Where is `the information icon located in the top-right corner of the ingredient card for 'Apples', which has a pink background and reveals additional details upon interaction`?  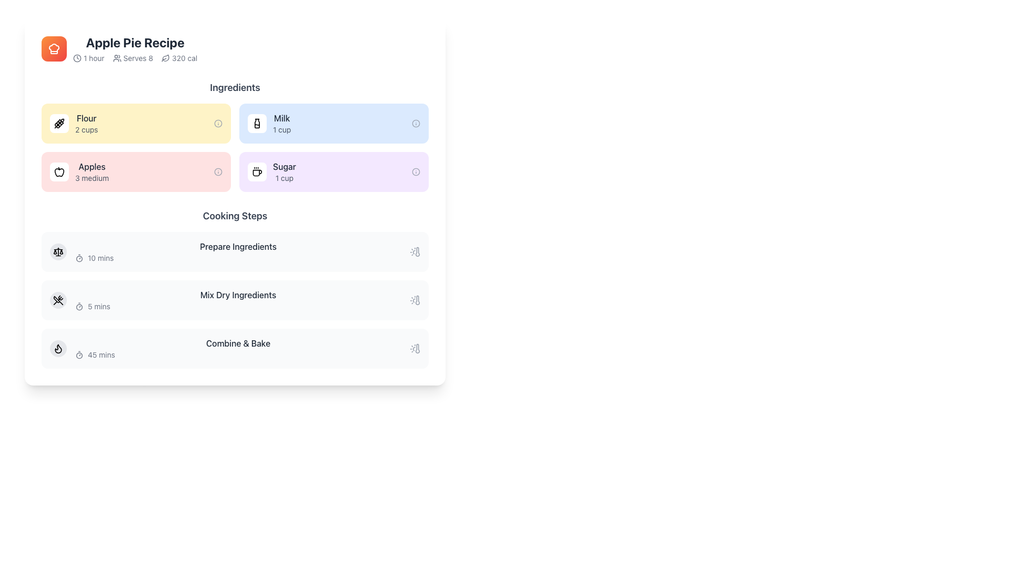
the information icon located in the top-right corner of the ingredient card for 'Apples', which has a pink background and reveals additional details upon interaction is located at coordinates (217, 171).